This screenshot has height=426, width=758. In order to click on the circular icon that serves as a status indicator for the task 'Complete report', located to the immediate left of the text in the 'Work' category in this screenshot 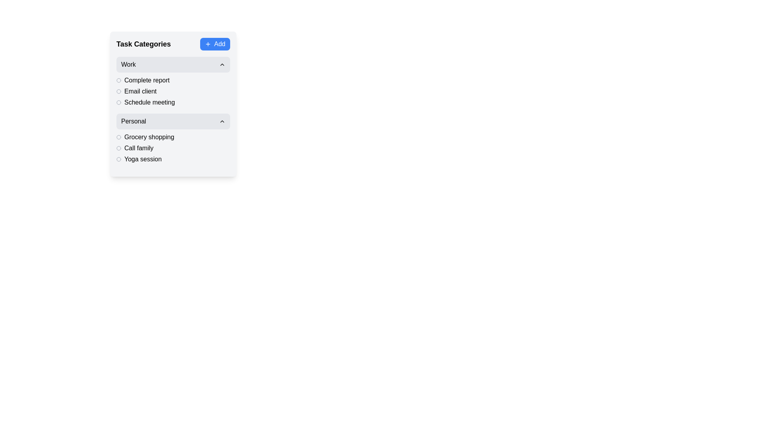, I will do `click(118, 80)`.